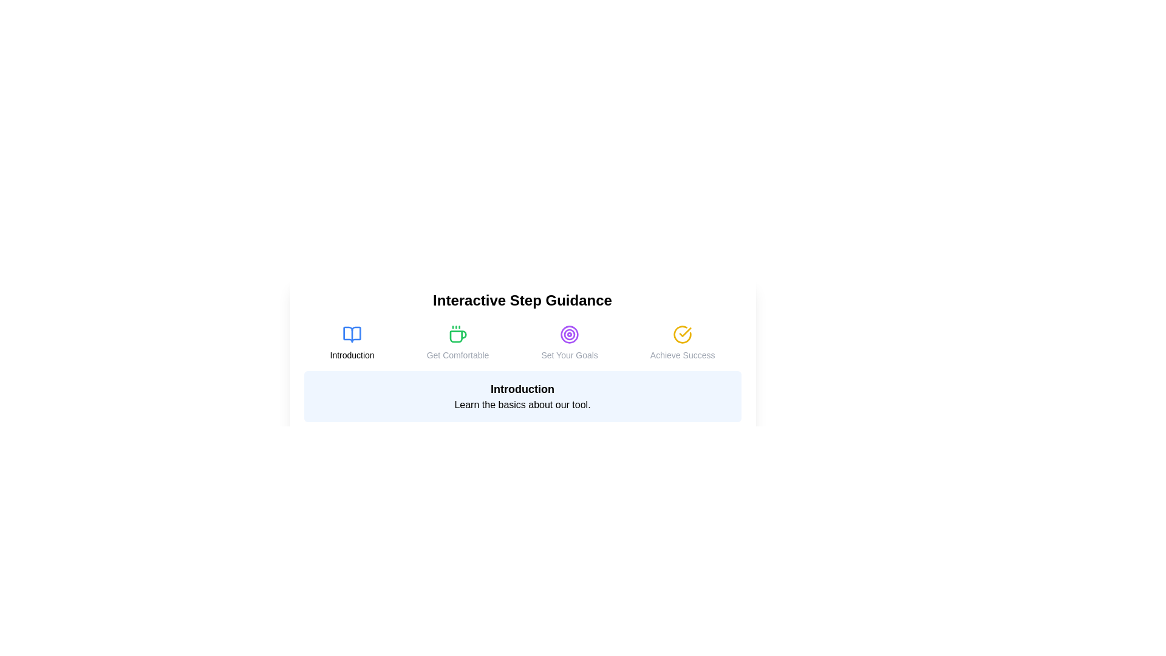 Image resolution: width=1166 pixels, height=656 pixels. I want to click on the 'Get Comfortable' text label, which is styled in gray color and positioned beneath a green coffee cup icon in the step guidance section, so click(457, 355).